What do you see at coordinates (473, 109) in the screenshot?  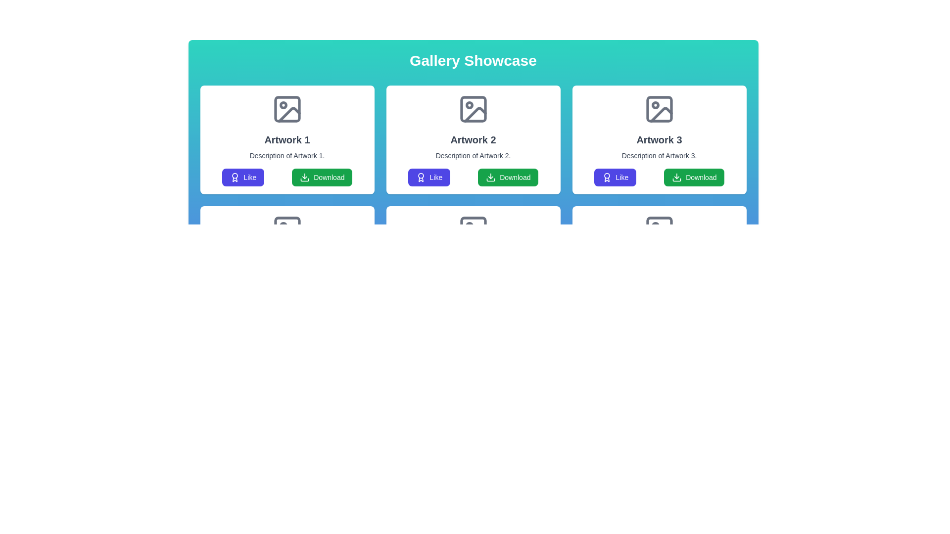 I see `the gray icon with a stylized image located at the top-center of the second card labeled 'Artwork 2' in the grid layout` at bounding box center [473, 109].